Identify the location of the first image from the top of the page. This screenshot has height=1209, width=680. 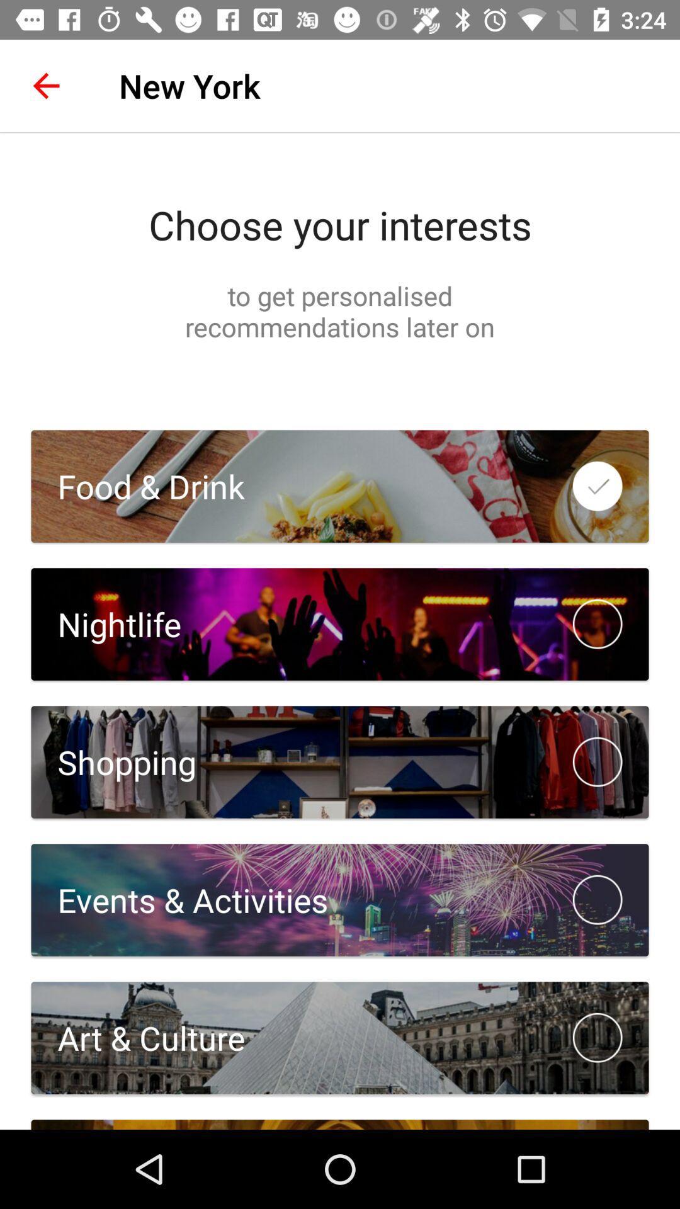
(340, 485).